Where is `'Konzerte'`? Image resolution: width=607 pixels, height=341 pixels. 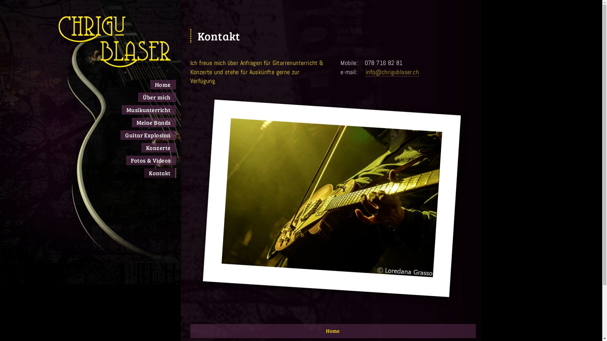
'Konzerte' is located at coordinates (159, 147).